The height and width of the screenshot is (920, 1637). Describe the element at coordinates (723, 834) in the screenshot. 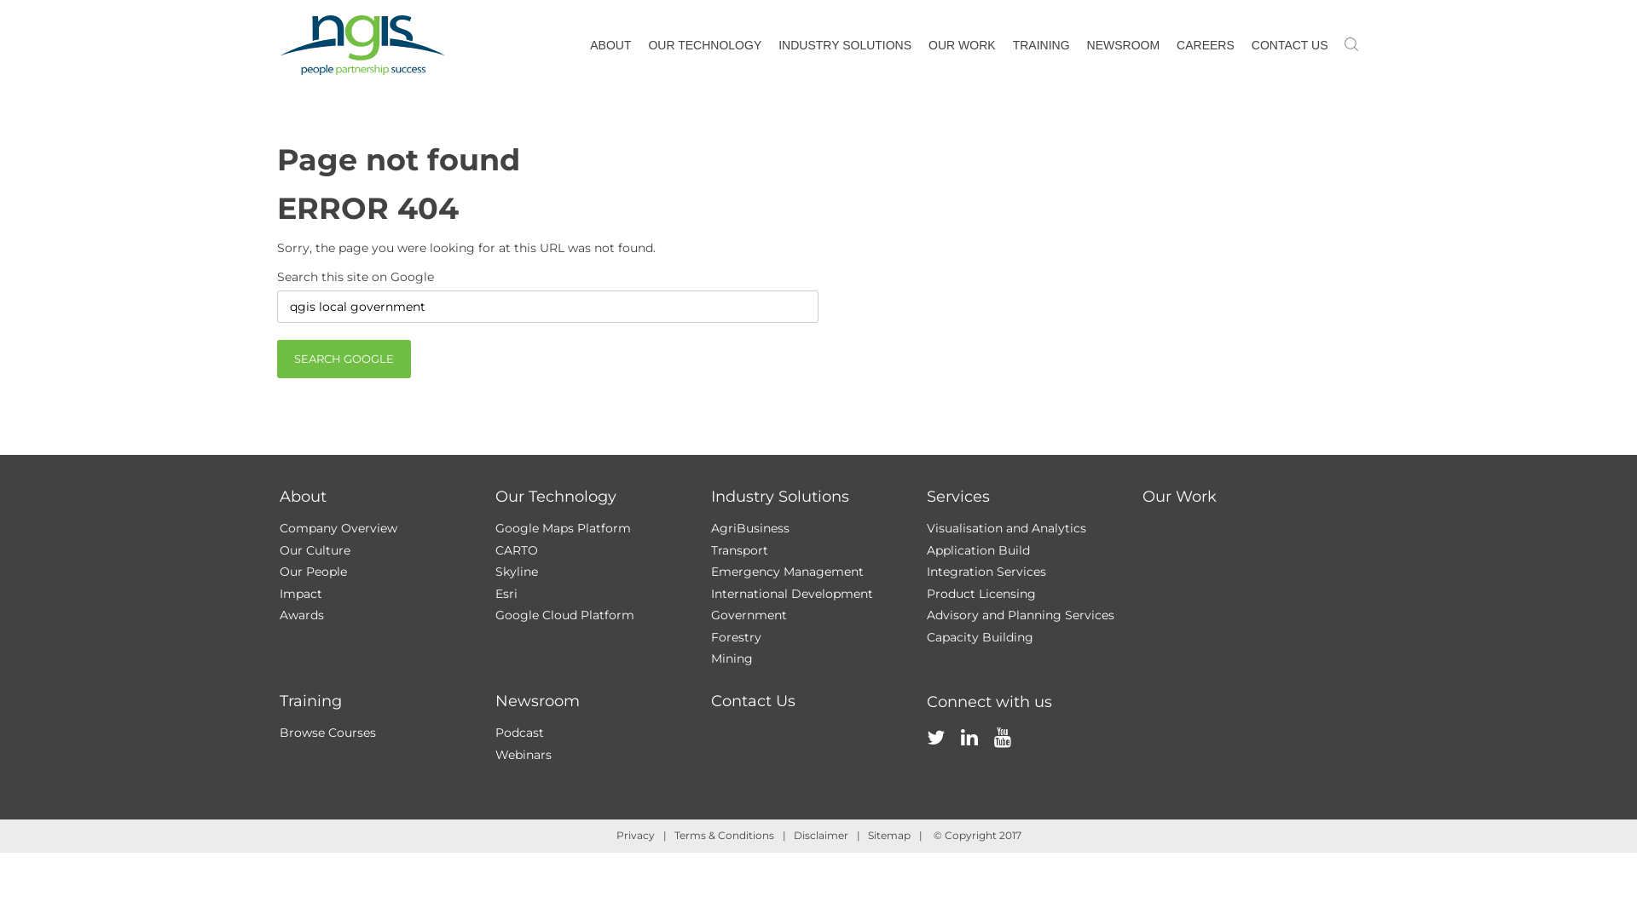

I see `'Terms & Conditions'` at that location.